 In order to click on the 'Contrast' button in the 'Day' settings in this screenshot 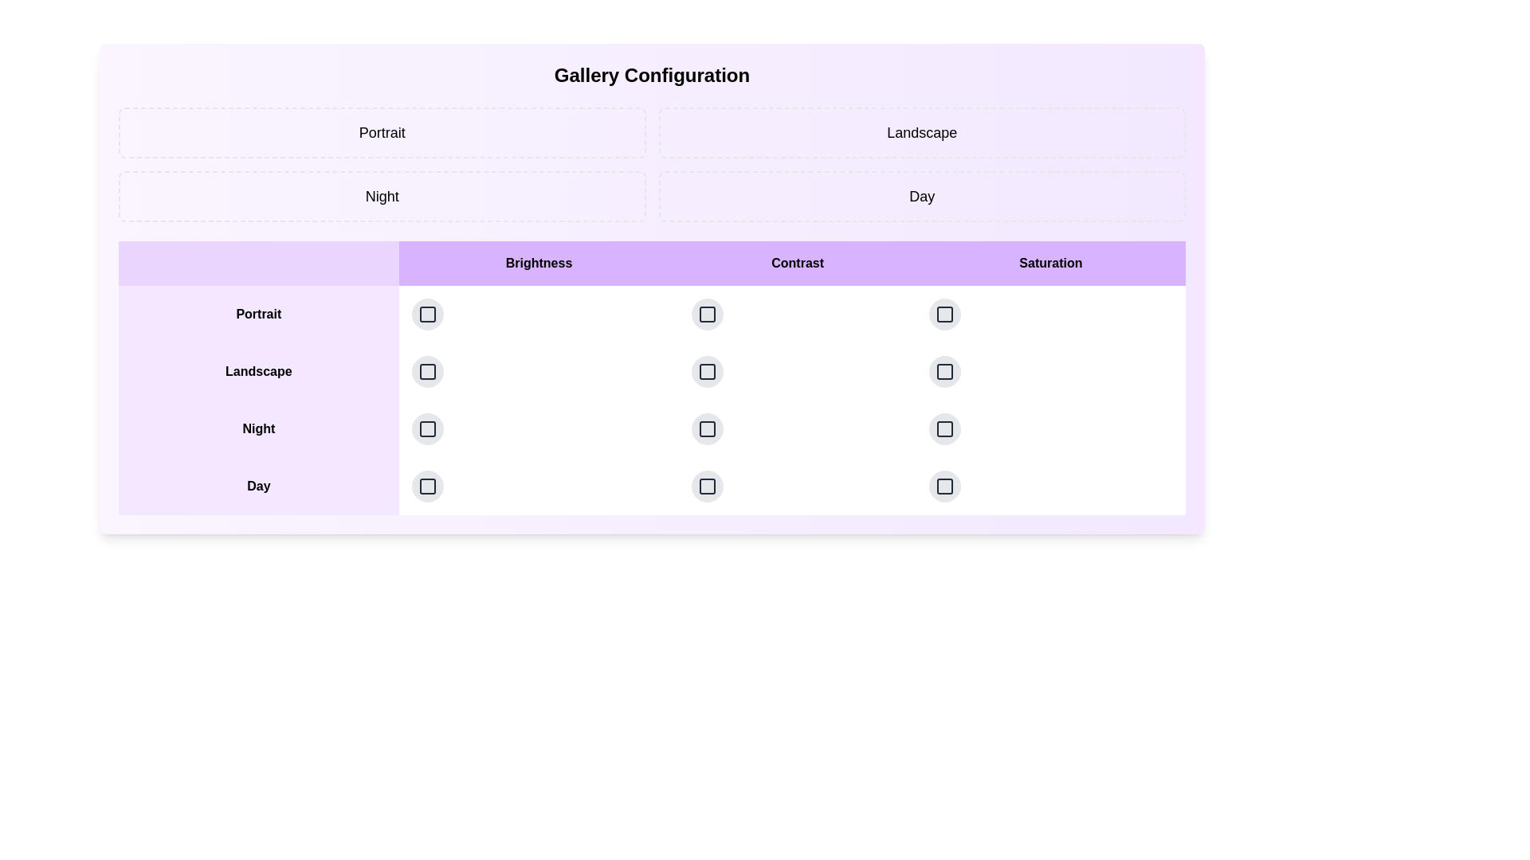, I will do `click(707, 485)`.